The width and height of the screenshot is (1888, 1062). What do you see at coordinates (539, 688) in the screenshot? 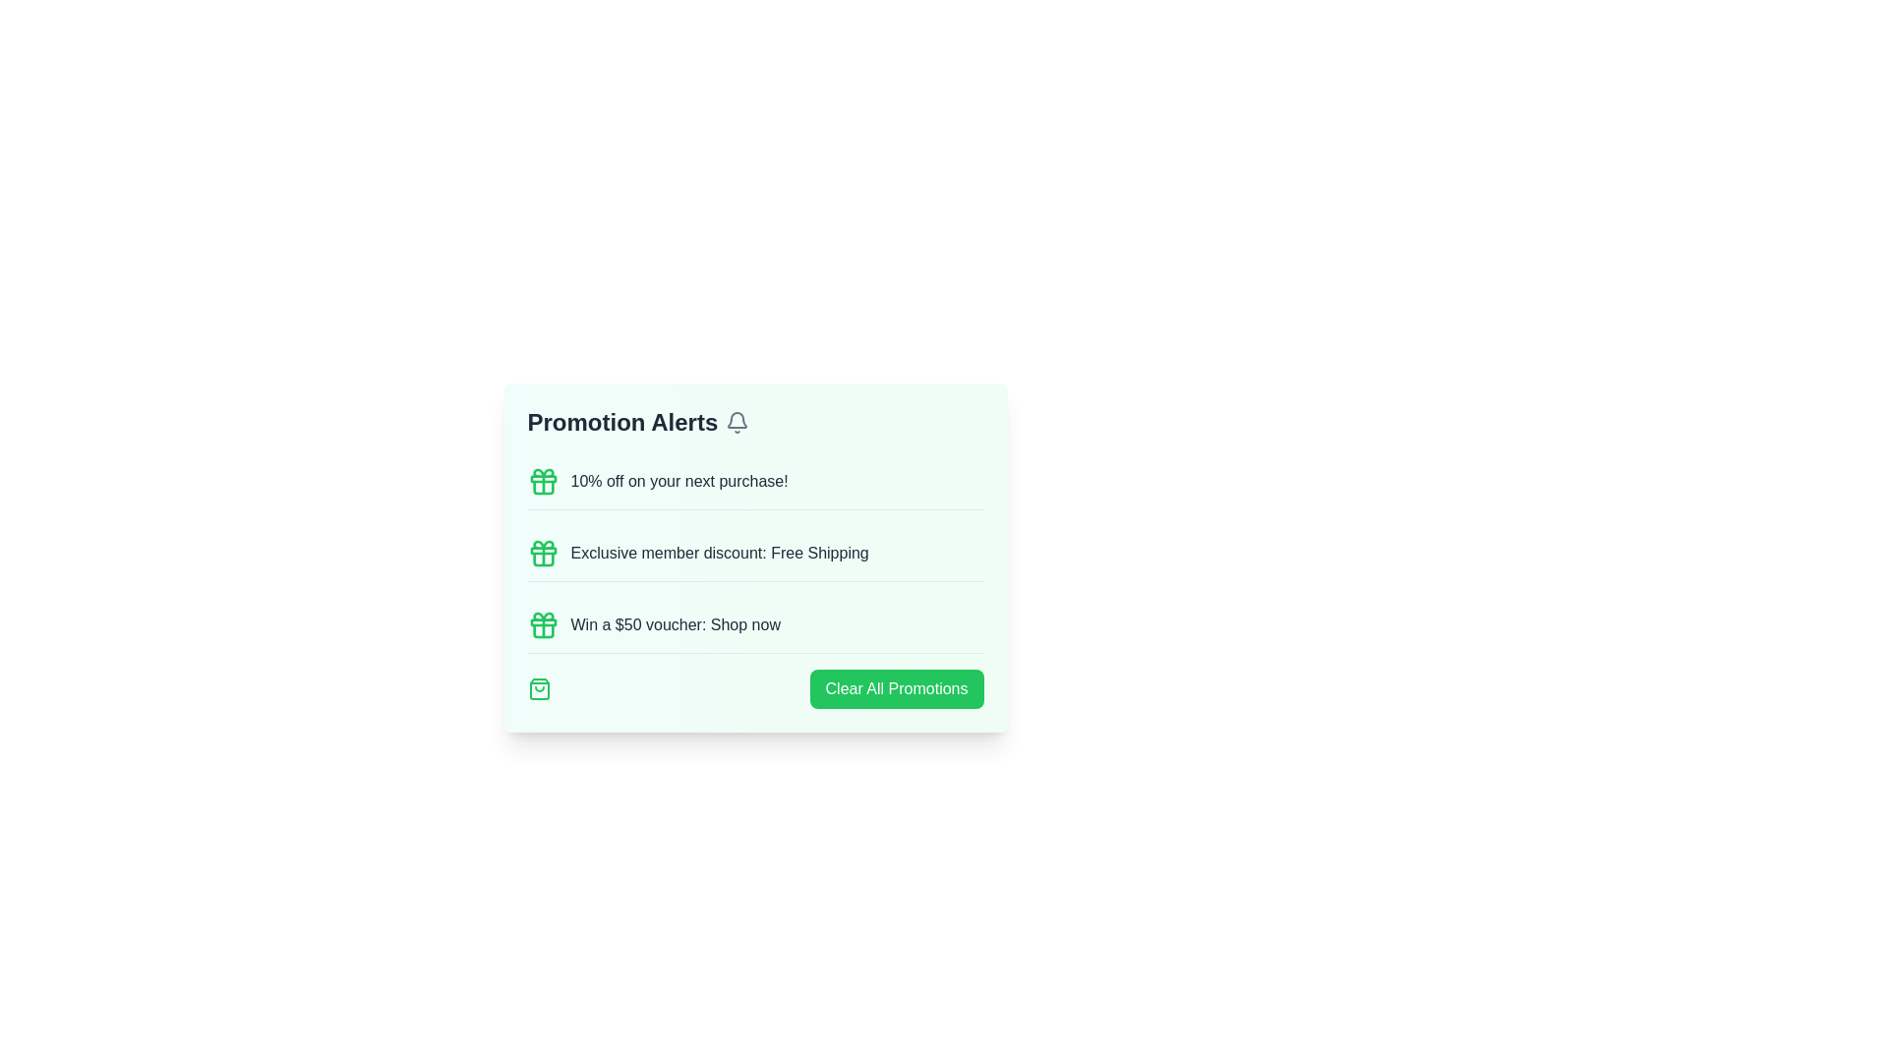
I see `the shopping bag icon with a green outline and fill, located at the bottom of the promotion card interface, next to the 'Clear All Promotions' button` at bounding box center [539, 688].